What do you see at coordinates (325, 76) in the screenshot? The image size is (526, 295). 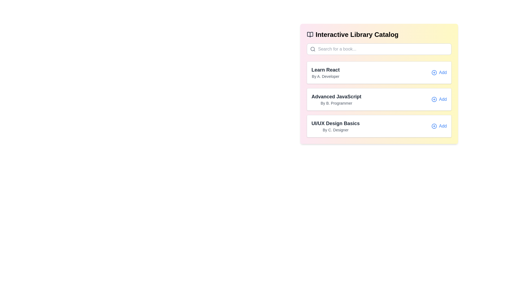 I see `the author information text label located below the title 'Learn React' in the first book card of the library catalog` at bounding box center [325, 76].